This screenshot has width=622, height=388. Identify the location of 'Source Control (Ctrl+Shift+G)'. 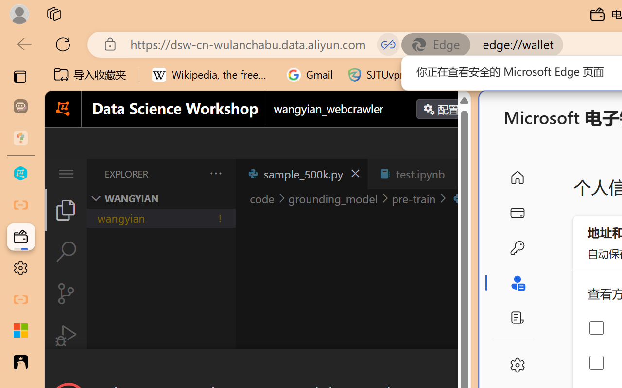
(65, 293).